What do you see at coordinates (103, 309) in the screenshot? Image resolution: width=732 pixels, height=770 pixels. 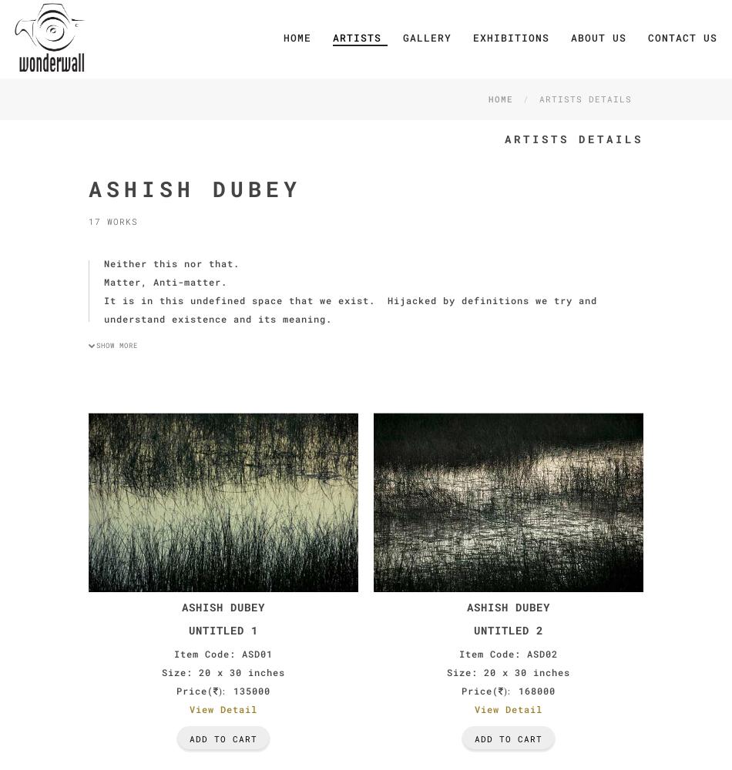 I see `'It is in this undefined space that we exist.  Hijacked by definitions we try and understand existence and its meaning.'` at bounding box center [103, 309].